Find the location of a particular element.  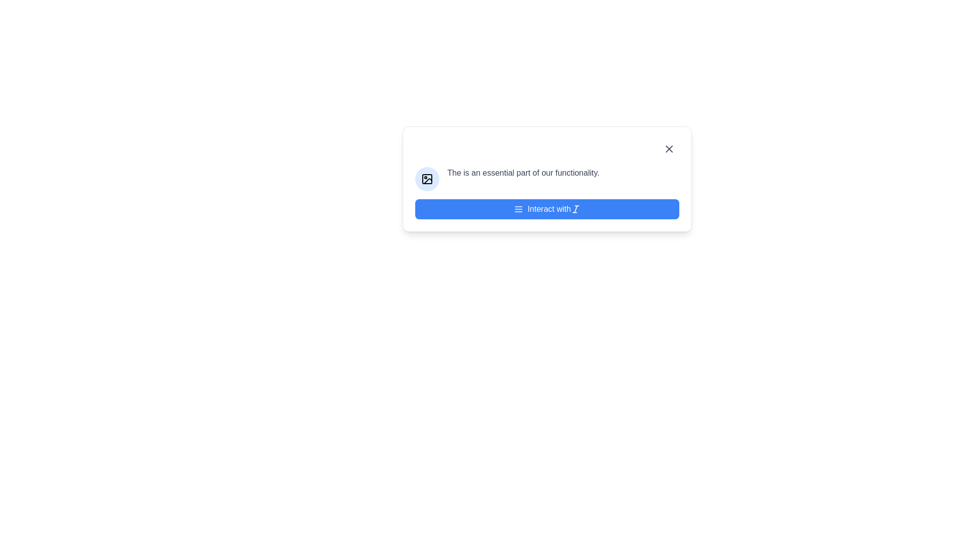

the 'X' button, a circular icon with a cross in the center, located in the top-right corner of the modal is located at coordinates (669, 149).